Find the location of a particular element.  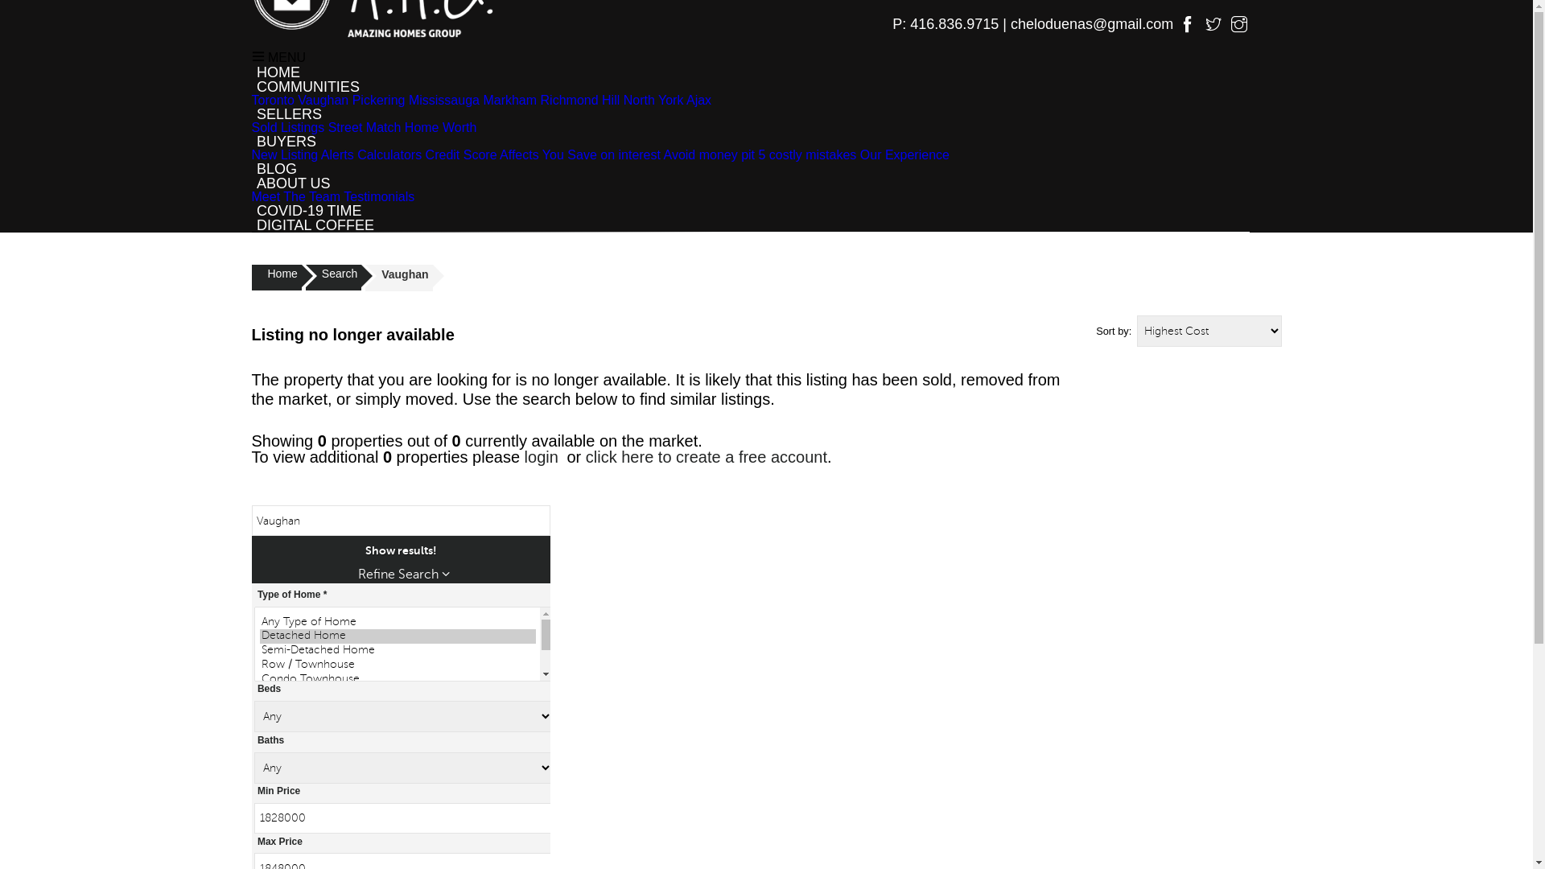

'Mississauga' is located at coordinates (444, 100).